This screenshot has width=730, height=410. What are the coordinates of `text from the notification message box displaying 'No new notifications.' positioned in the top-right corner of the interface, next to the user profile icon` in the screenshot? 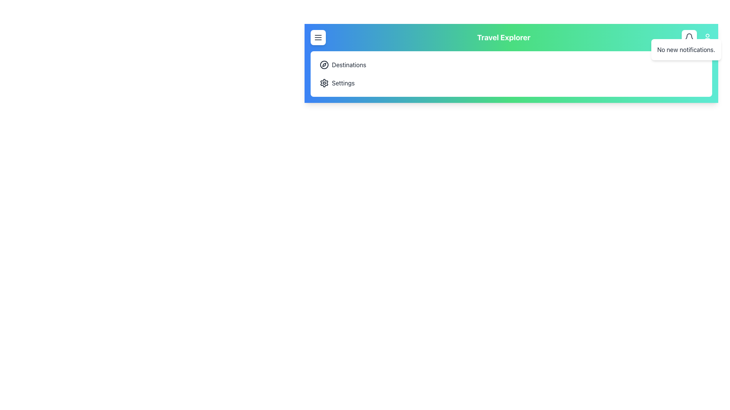 It's located at (686, 50).